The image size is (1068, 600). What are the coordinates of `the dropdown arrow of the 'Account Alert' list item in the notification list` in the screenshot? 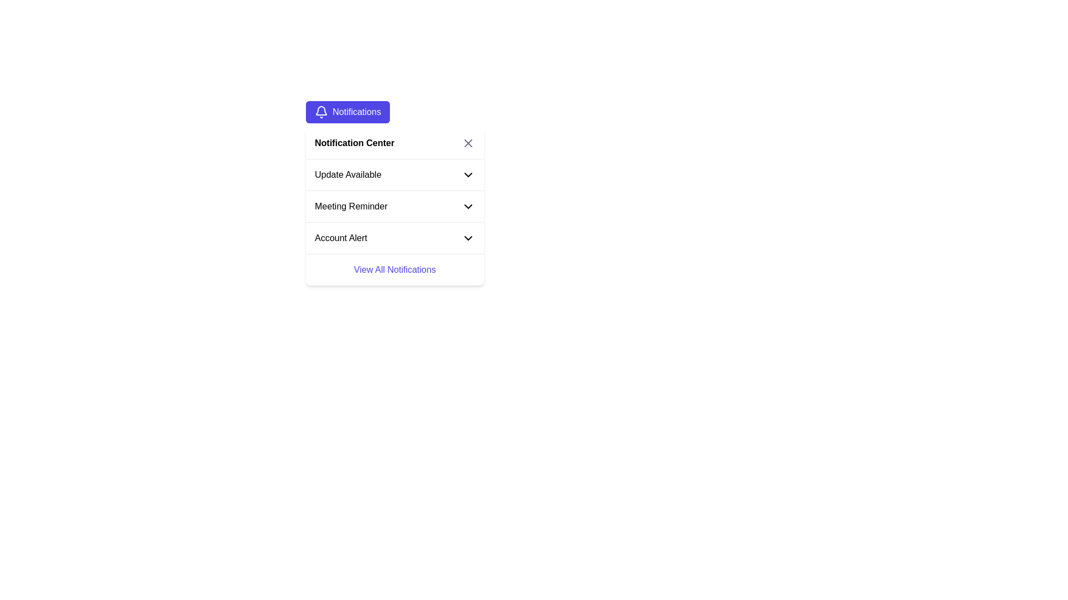 It's located at (446, 228).